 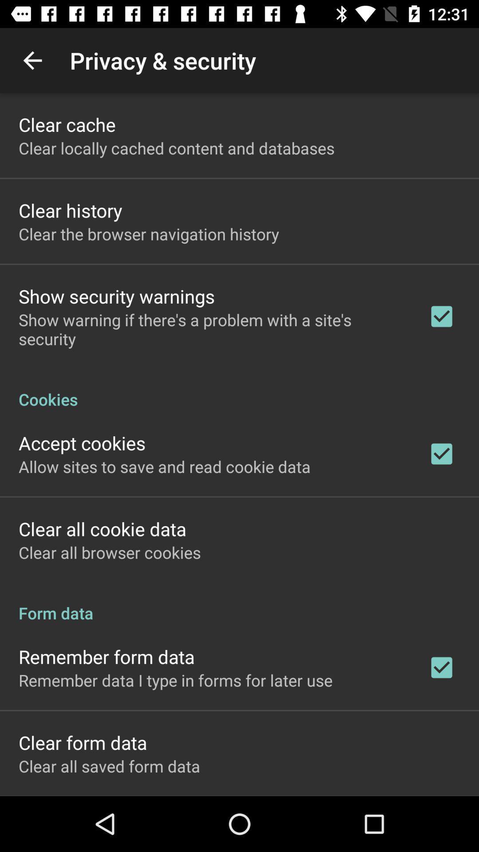 I want to click on the clear cache app, so click(x=67, y=124).